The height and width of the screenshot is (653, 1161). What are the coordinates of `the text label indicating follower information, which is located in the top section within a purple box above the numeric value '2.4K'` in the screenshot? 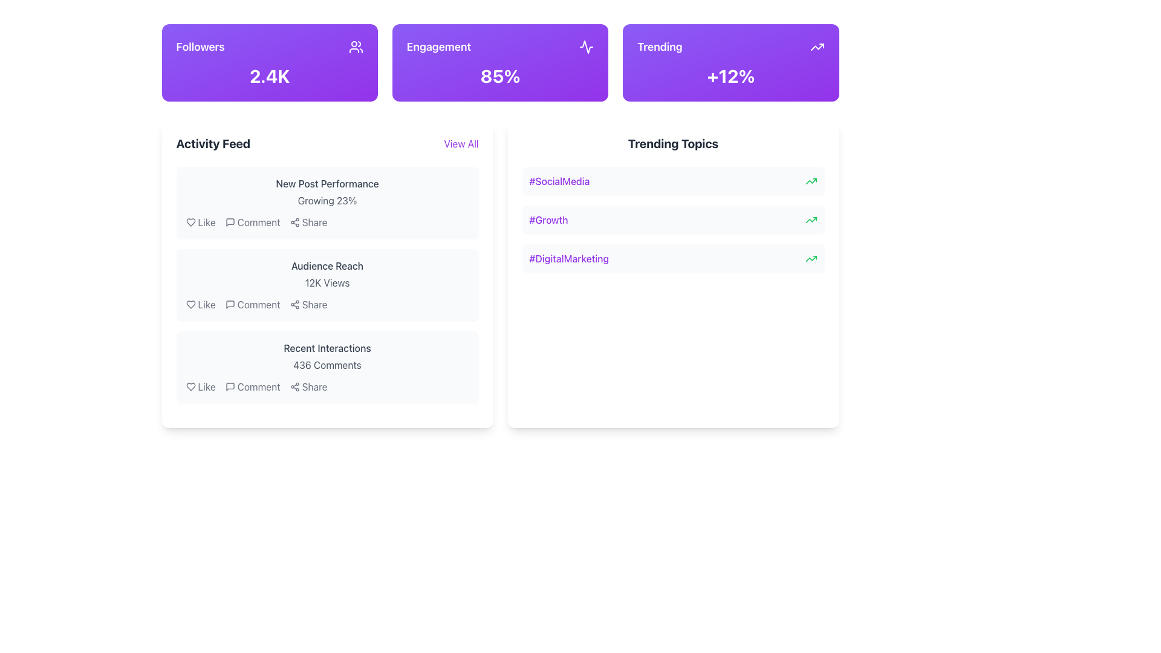 It's located at (200, 46).